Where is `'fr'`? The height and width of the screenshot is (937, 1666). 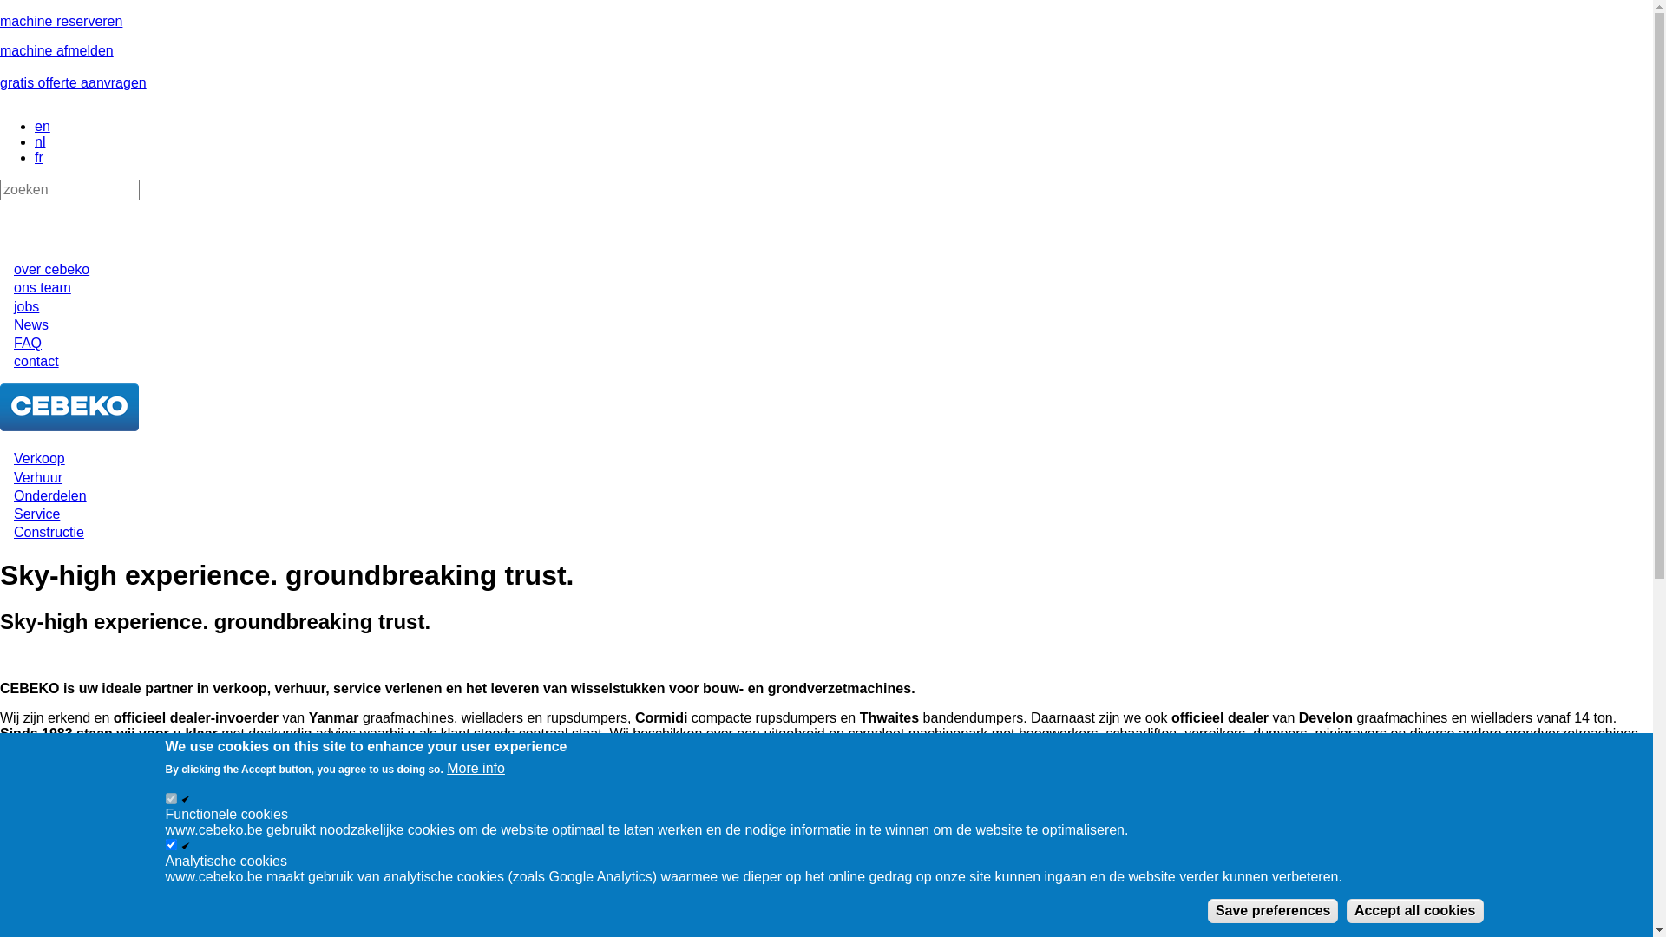
'fr' is located at coordinates (38, 157).